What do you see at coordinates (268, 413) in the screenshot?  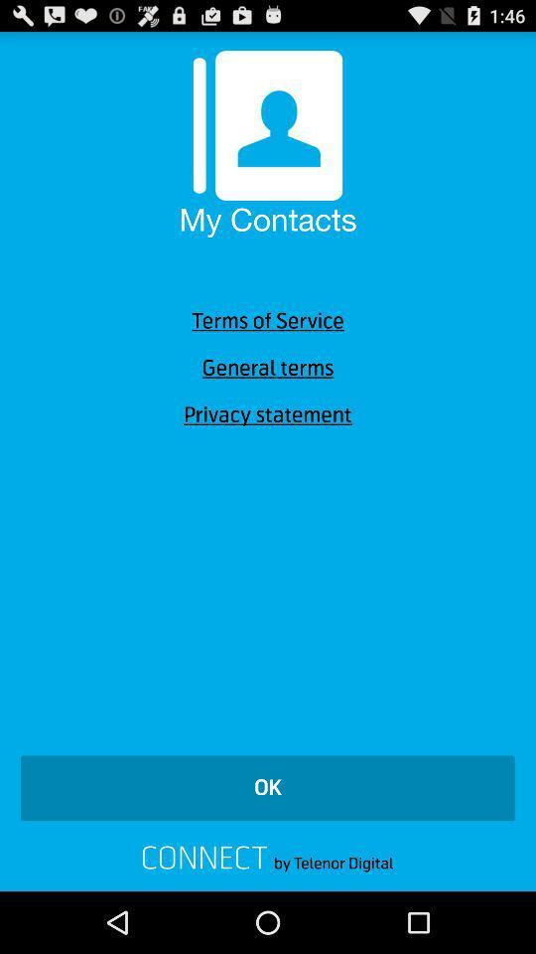 I see `icon below the general terms icon` at bounding box center [268, 413].